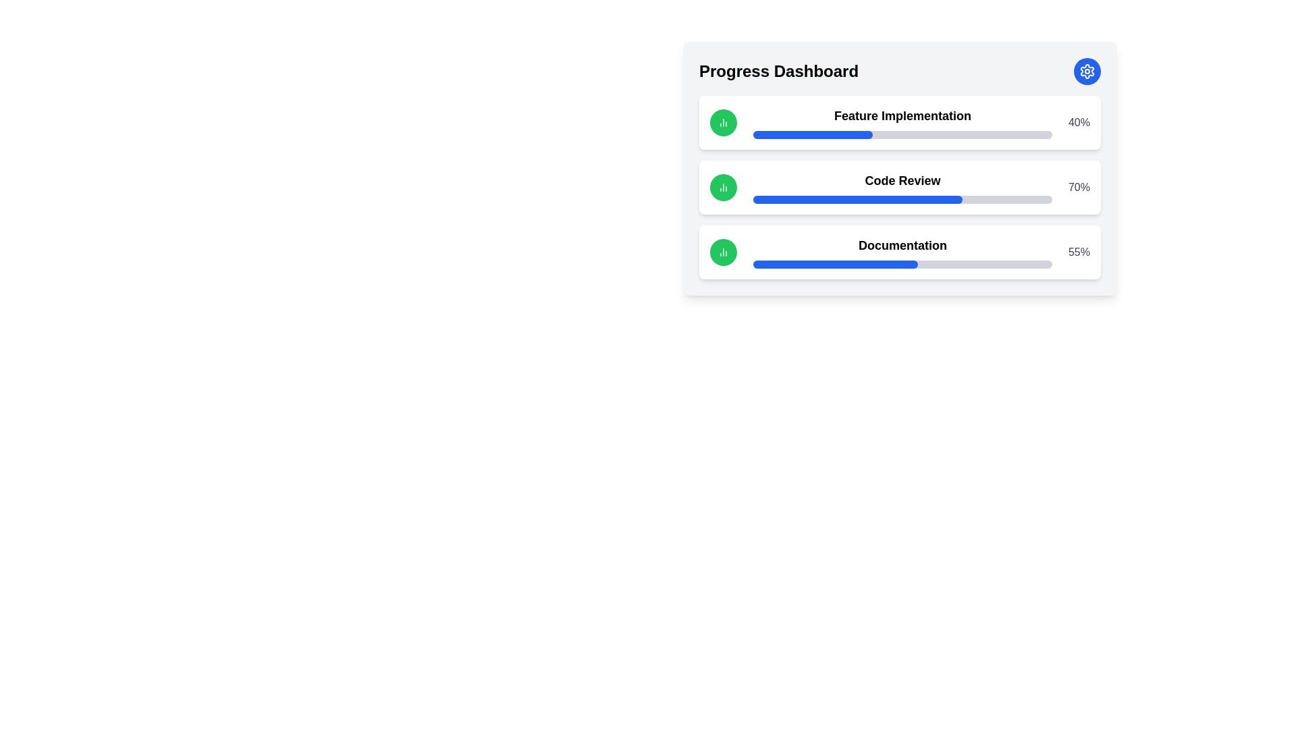 This screenshot has width=1296, height=729. I want to click on the filled section of the progress bar, which visually represents 55% completion of the documentation task and is located at the bottommost of three progress indicators in the dashboard, so click(834, 265).